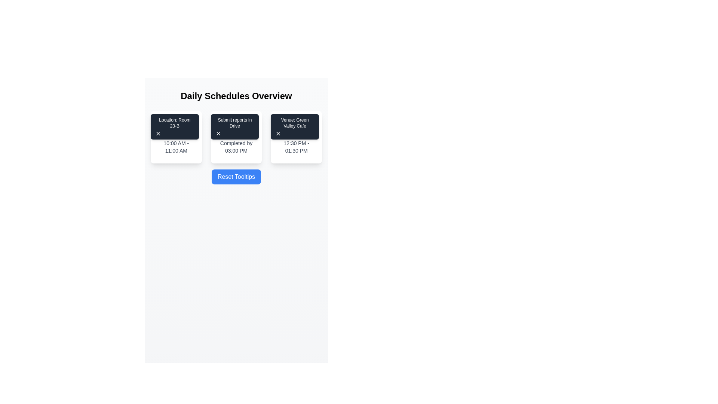  What do you see at coordinates (218, 133) in the screenshot?
I see `the Close button icon (stylized 'X') located at the top-right corner of the 'Submit reports in Drive' tooltip card` at bounding box center [218, 133].